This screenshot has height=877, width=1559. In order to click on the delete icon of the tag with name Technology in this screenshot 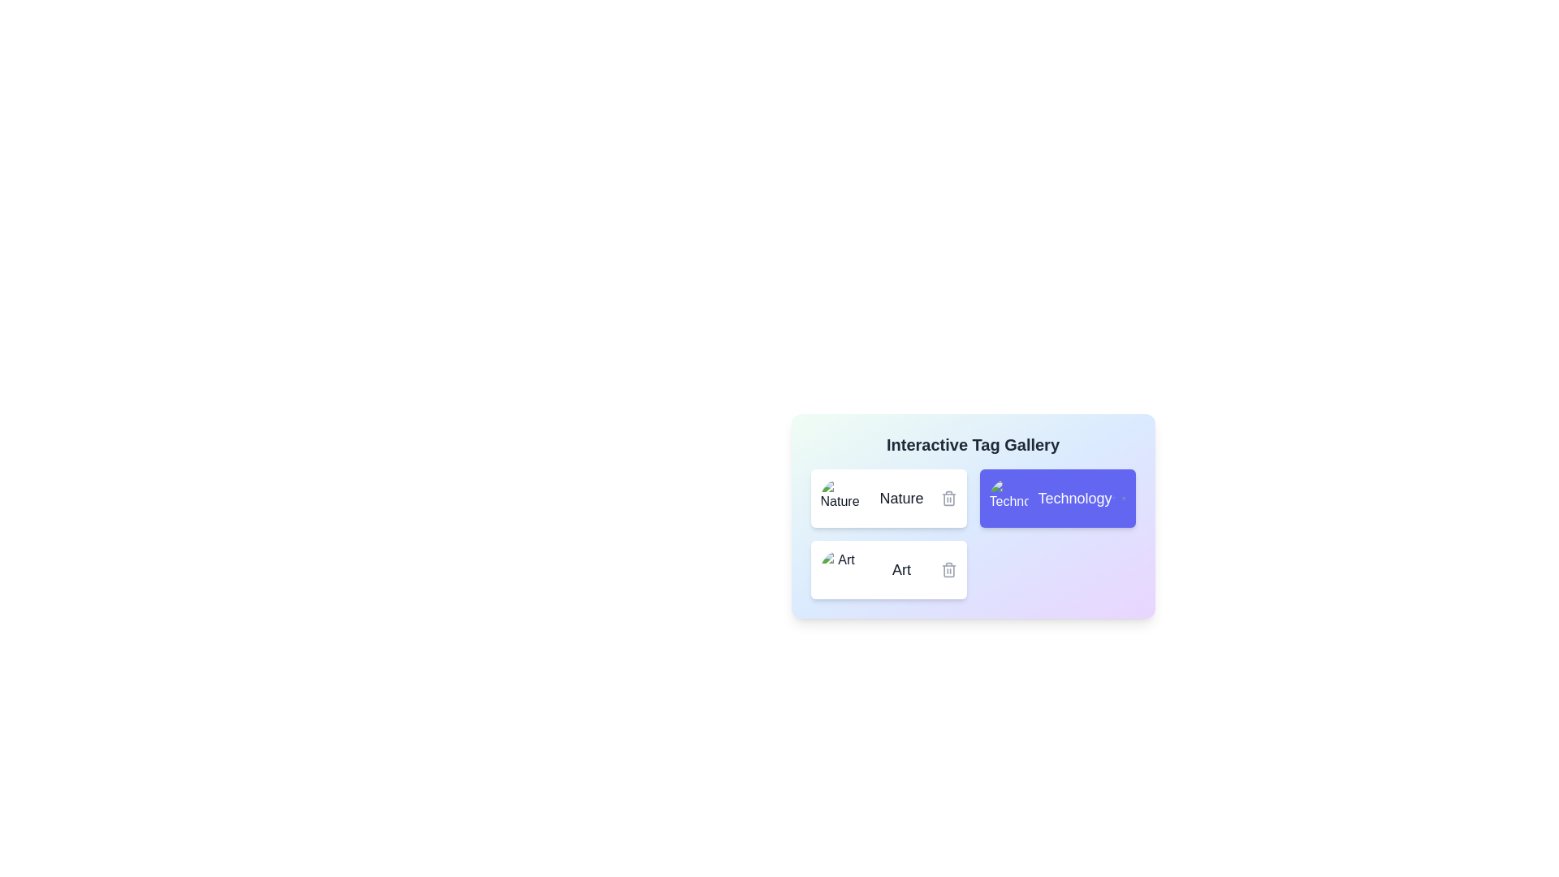, I will do `click(1123, 497)`.